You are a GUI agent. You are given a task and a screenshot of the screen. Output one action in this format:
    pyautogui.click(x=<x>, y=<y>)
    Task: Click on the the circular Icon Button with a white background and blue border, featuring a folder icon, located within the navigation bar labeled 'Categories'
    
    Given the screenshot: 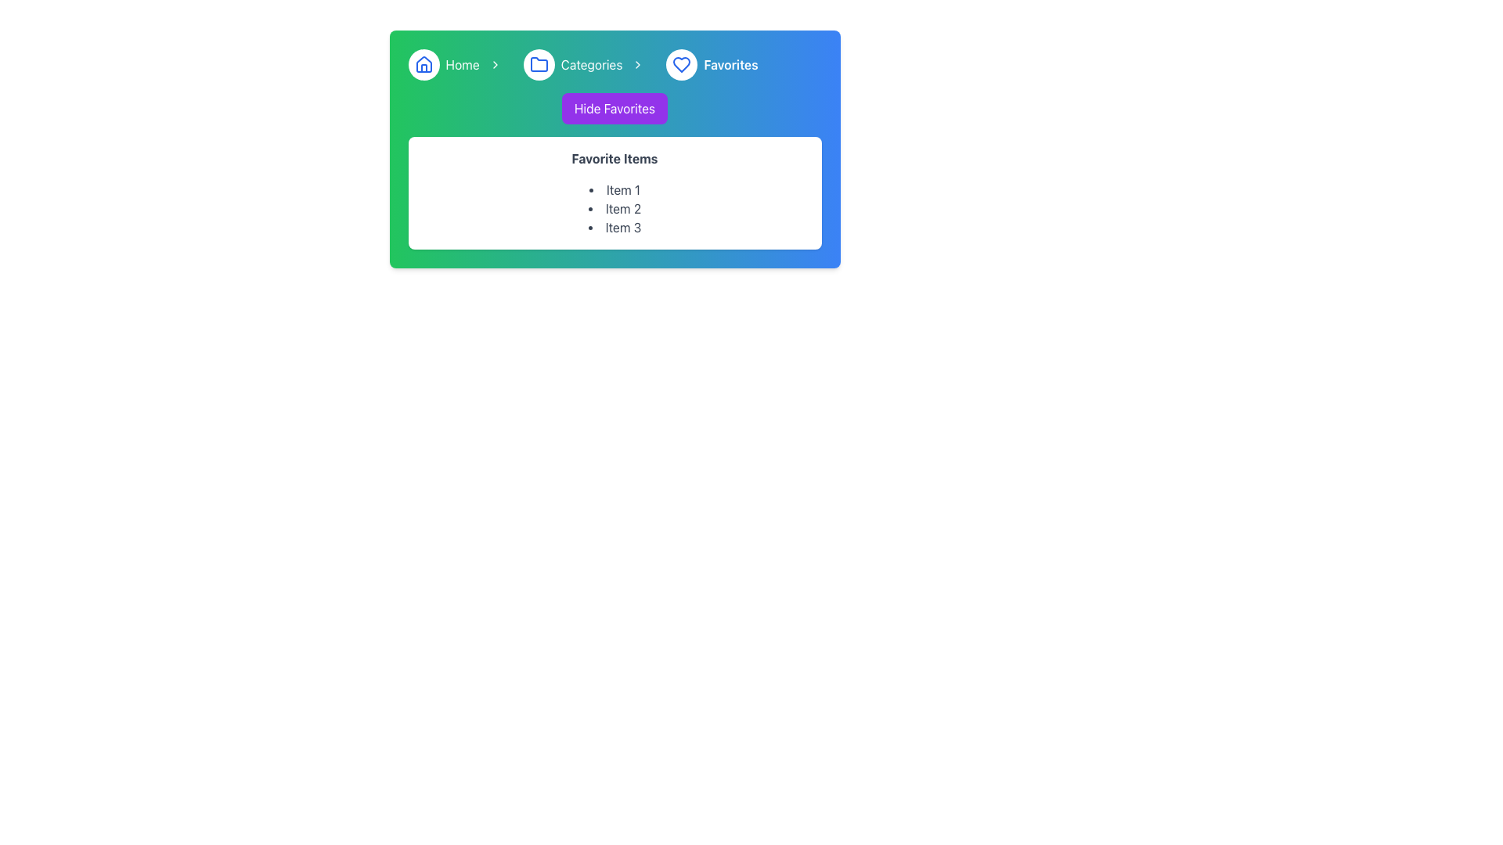 What is the action you would take?
    pyautogui.click(x=539, y=64)
    